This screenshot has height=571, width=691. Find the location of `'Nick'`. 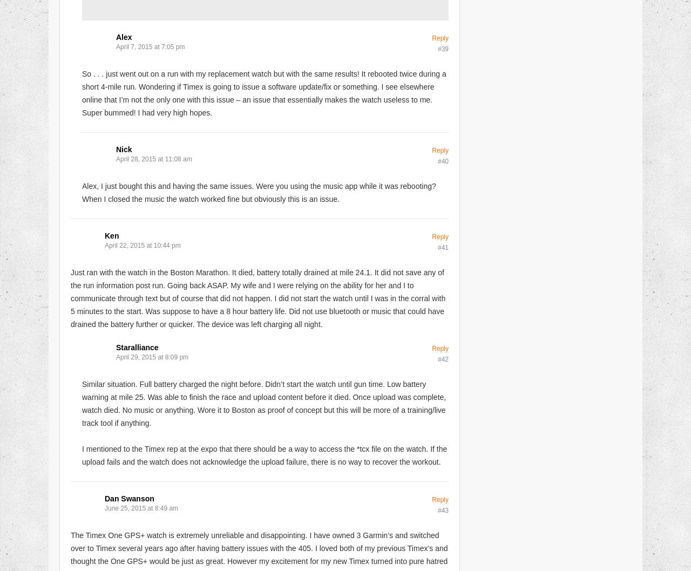

'Nick' is located at coordinates (124, 148).